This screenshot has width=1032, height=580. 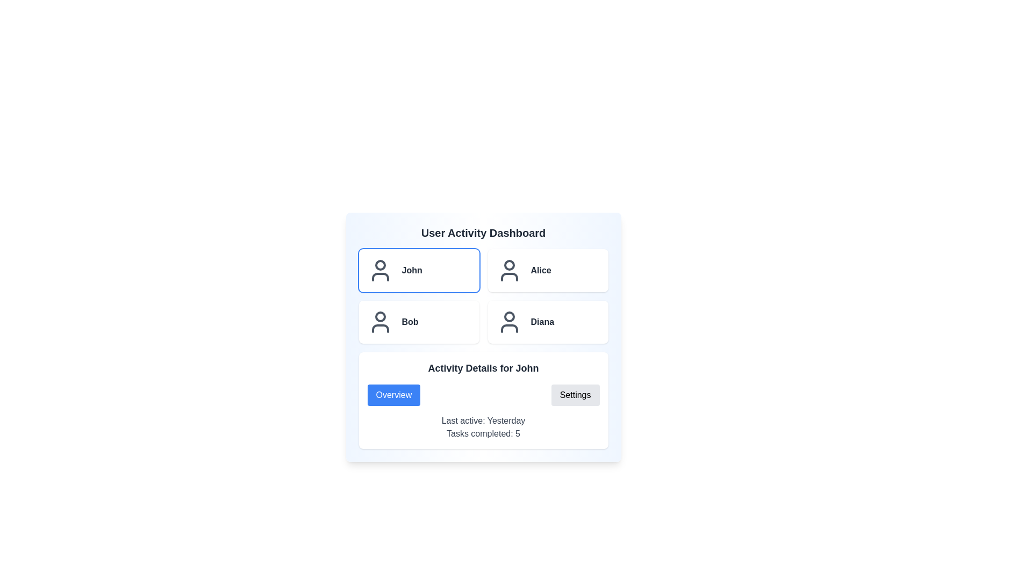 I want to click on the user silhouette icon located within the card labeled 'Bob' in the 'User Activity Dashboard' section, so click(x=380, y=322).